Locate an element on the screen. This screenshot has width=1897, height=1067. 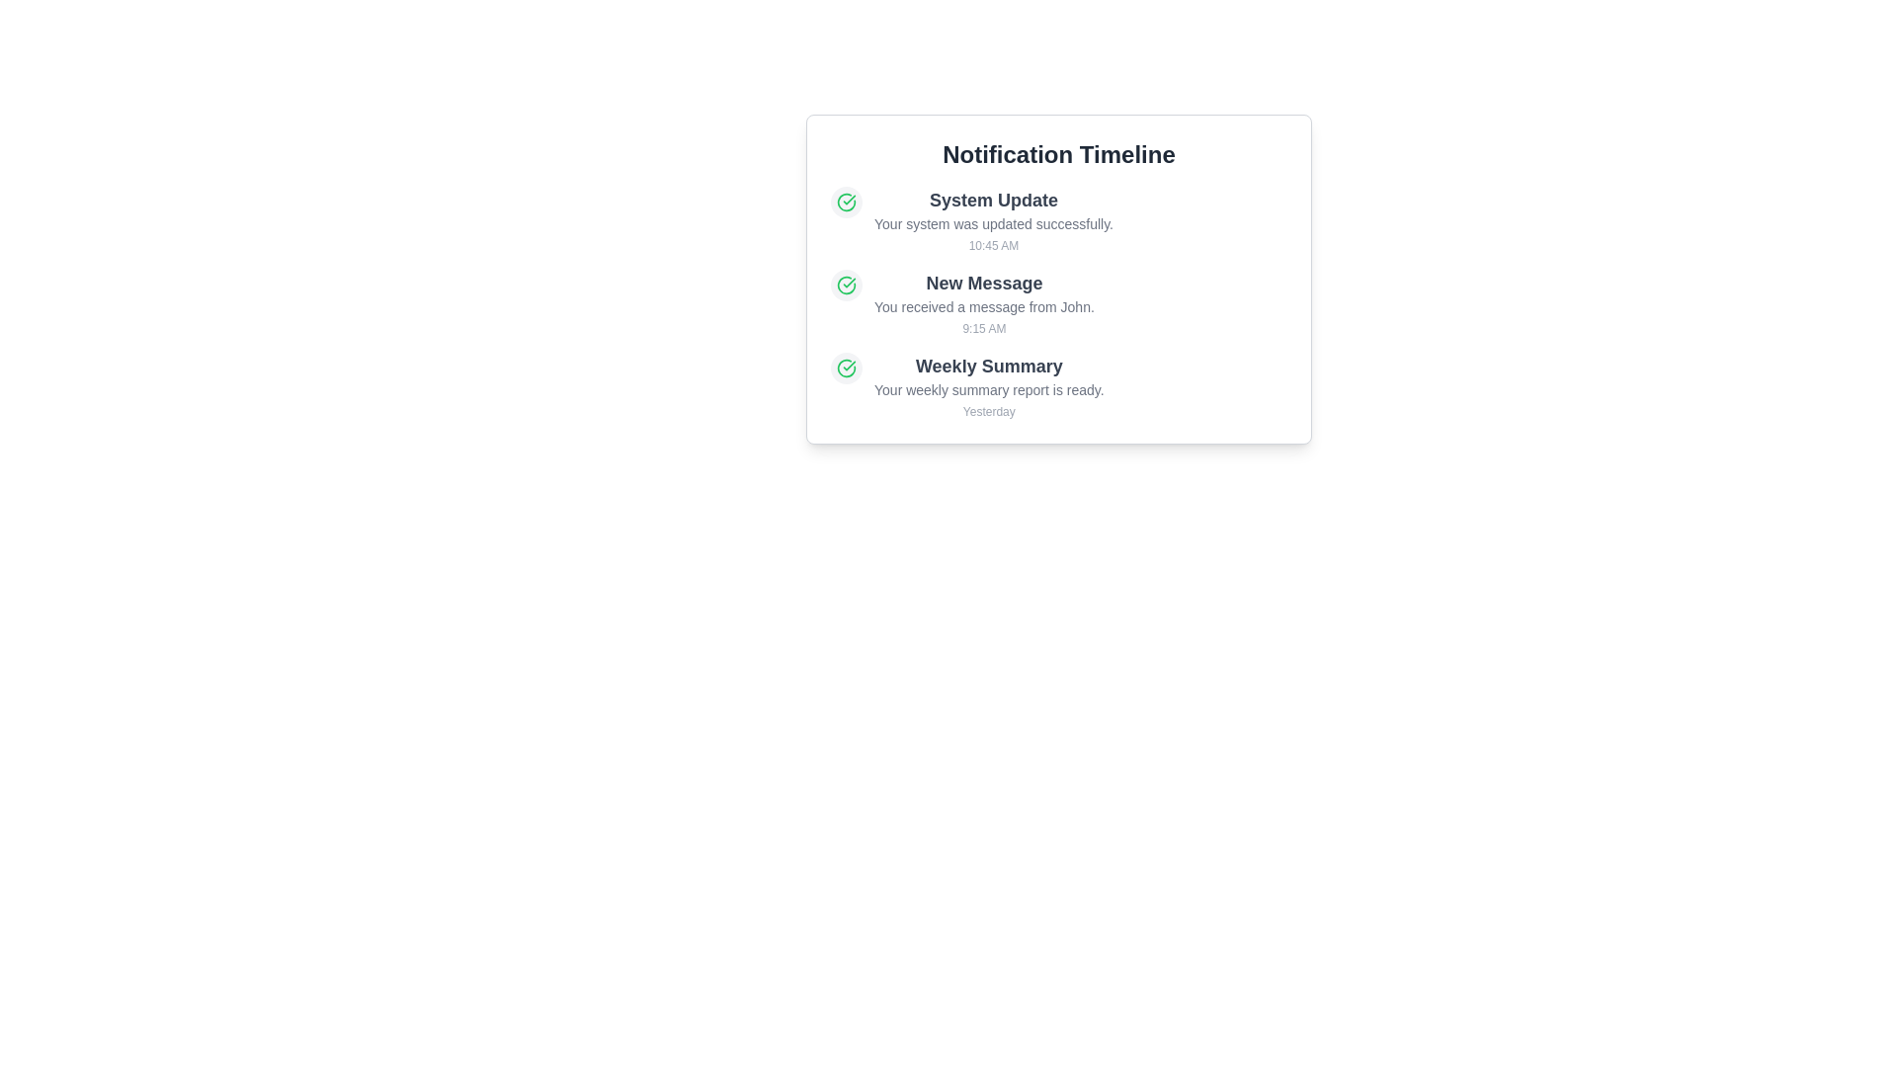
the Notification Entry that informs the user about a new message, positioned as the second item in the list of notifications is located at coordinates (1057, 303).